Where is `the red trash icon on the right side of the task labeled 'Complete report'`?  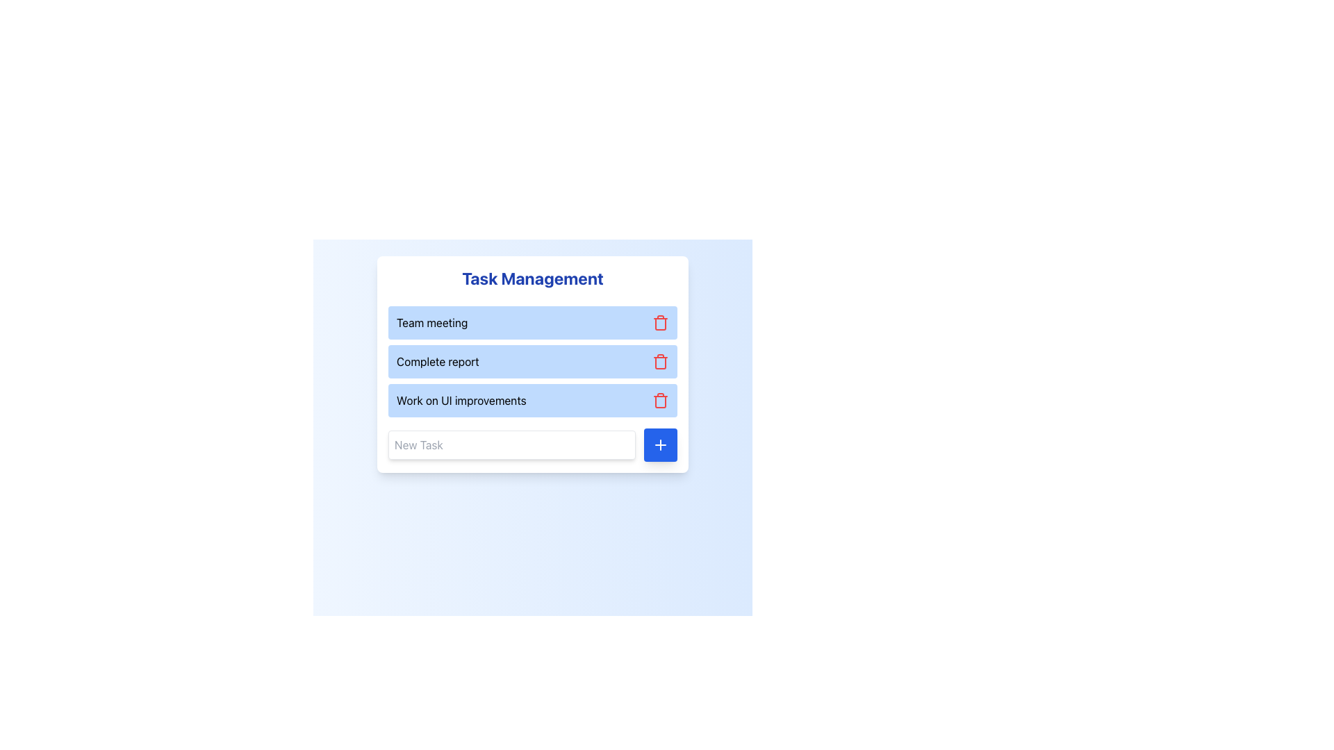
the red trash icon on the right side of the task labeled 'Complete report' is located at coordinates (659, 360).